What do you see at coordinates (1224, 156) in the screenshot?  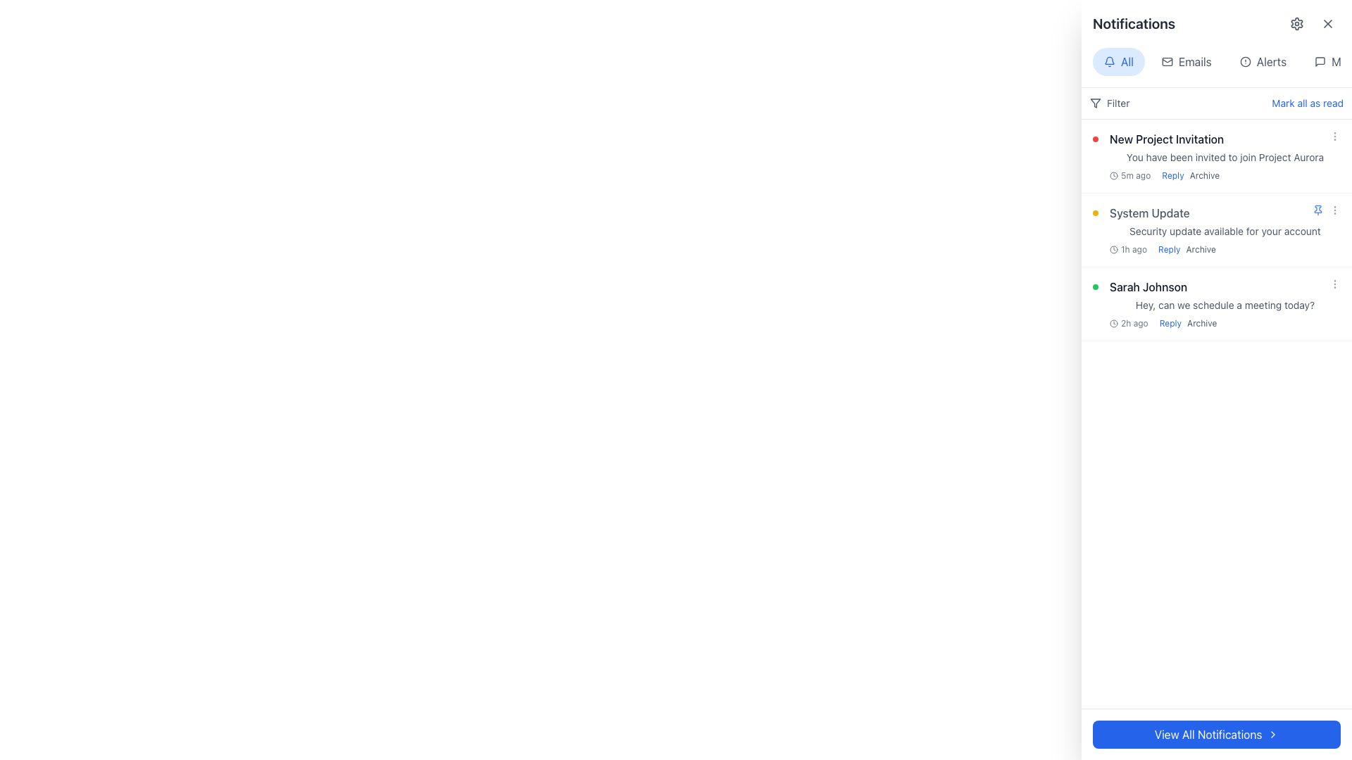 I see `the notification item for 'Project Aurora' located at the top of the list in the 'Notifications' panel` at bounding box center [1224, 156].